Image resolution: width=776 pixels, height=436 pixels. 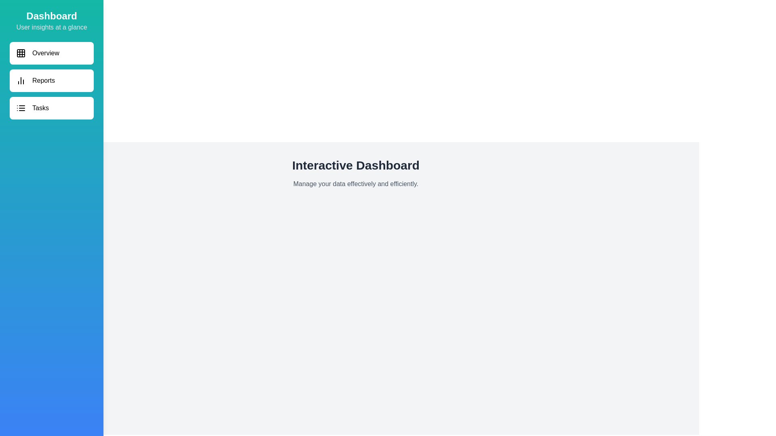 I want to click on the navigation item Tasks to navigate to the corresponding section, so click(x=51, y=107).